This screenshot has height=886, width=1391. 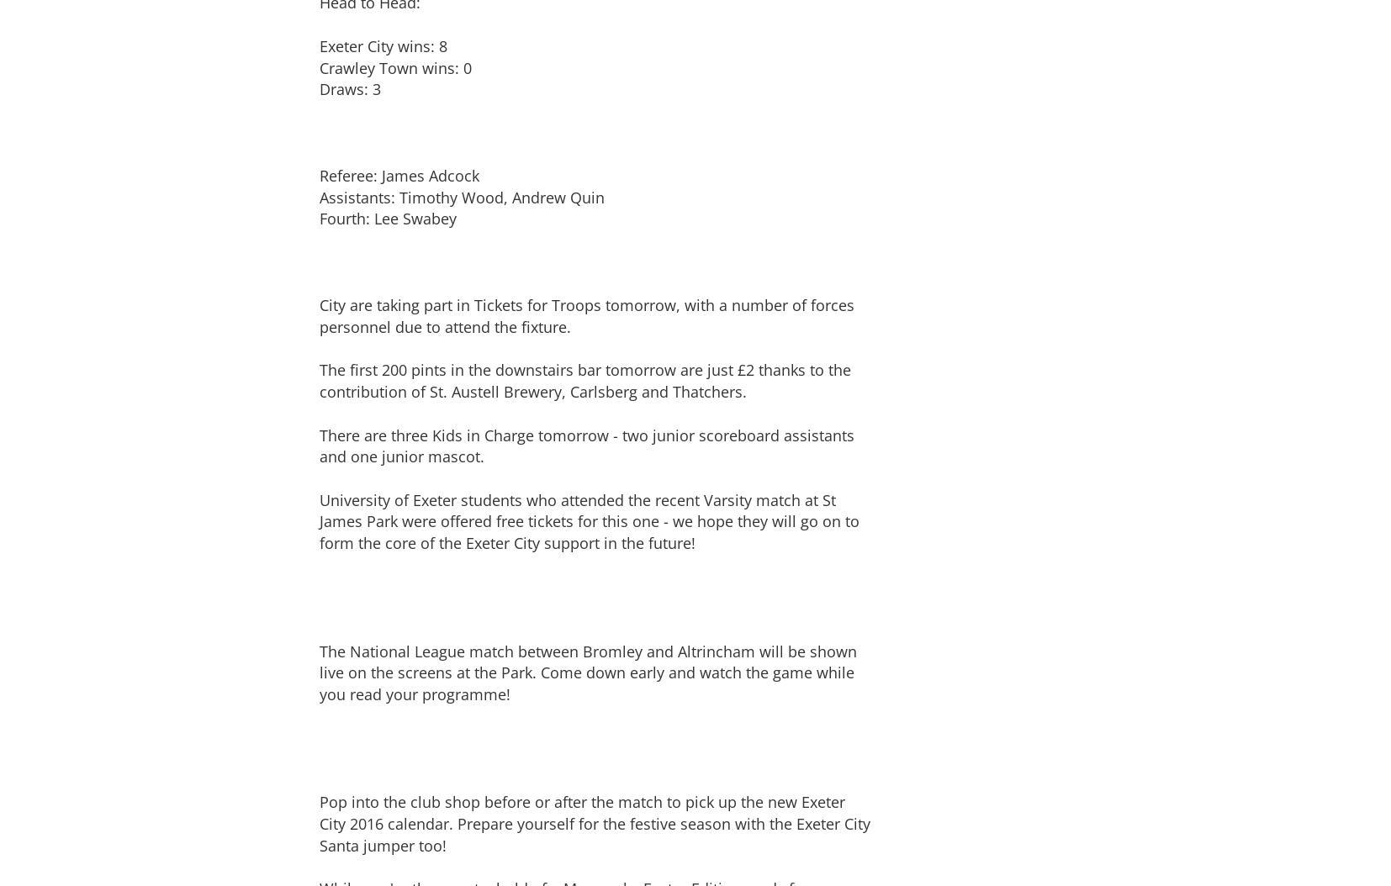 What do you see at coordinates (586, 445) in the screenshot?
I see `'There are three Kids in Charge tomorrow - two junior scoreboard assistants and one junior mascot.'` at bounding box center [586, 445].